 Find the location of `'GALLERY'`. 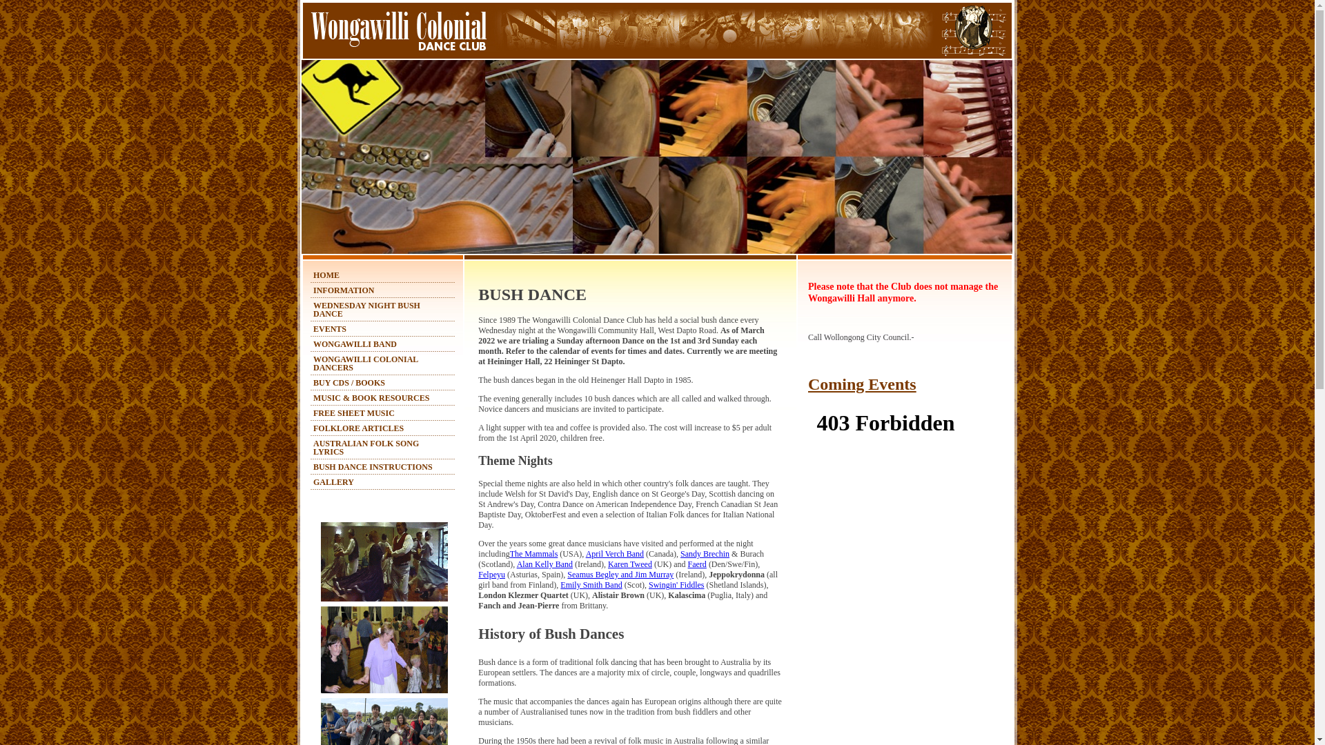

'GALLERY' is located at coordinates (333, 481).